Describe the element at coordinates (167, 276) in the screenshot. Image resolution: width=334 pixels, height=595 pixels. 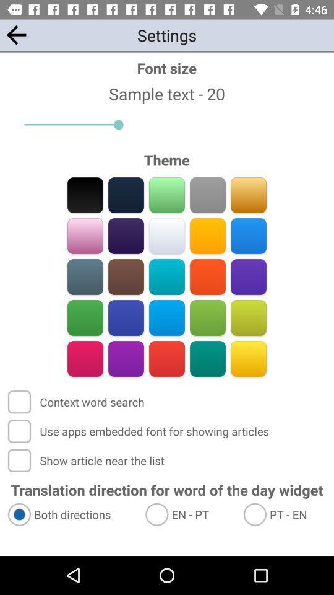
I see `go do couler` at that location.